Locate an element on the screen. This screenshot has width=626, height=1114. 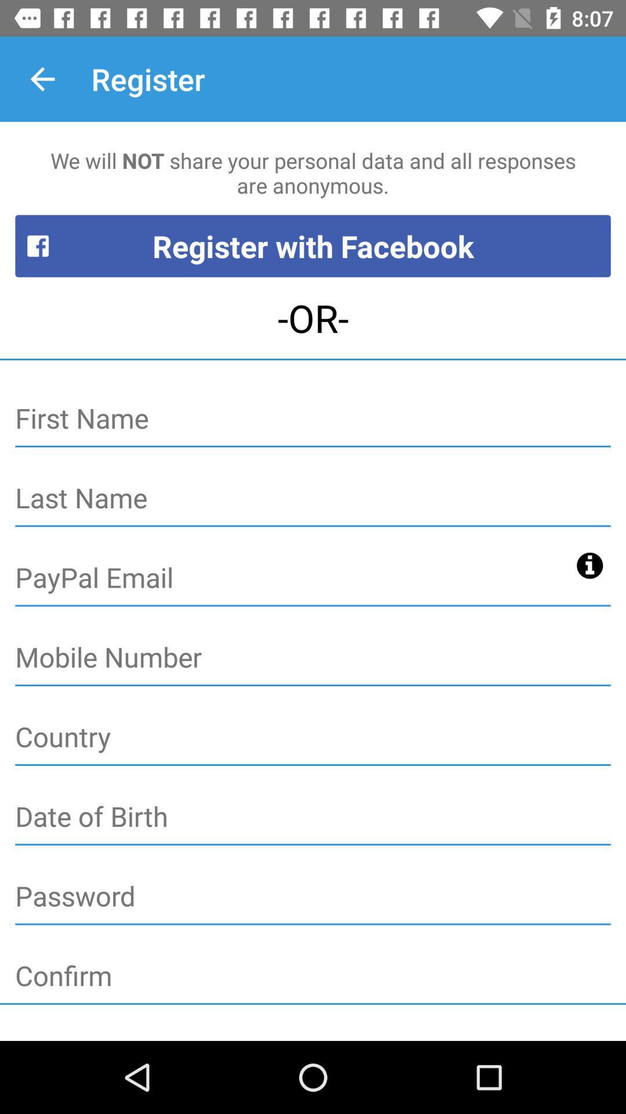
first name is located at coordinates (313, 418).